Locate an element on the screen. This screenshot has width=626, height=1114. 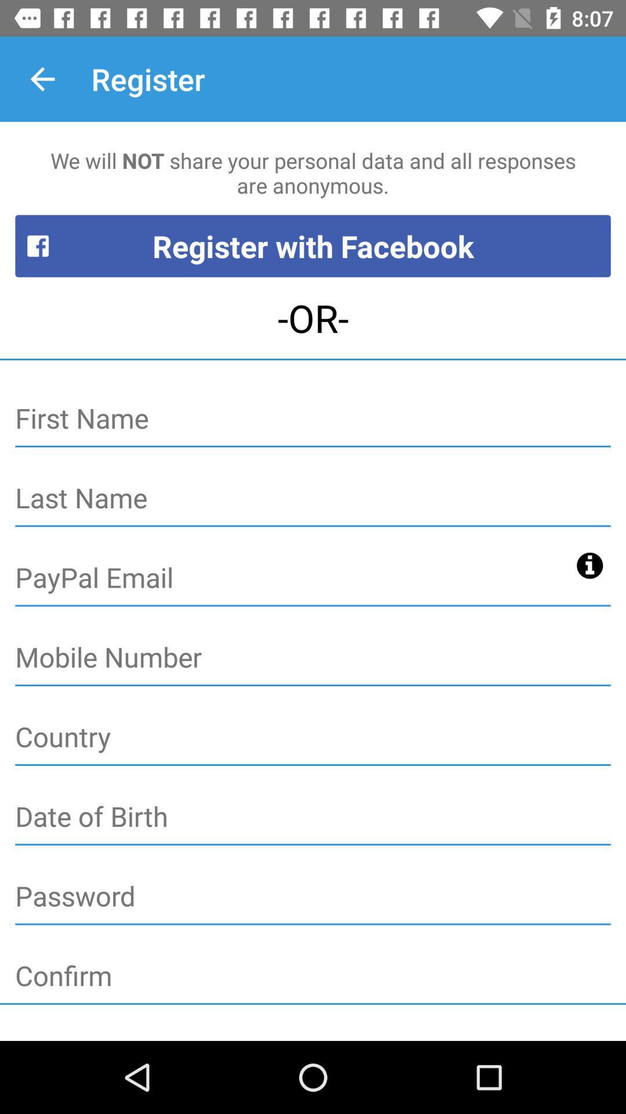
first name is located at coordinates (313, 418).